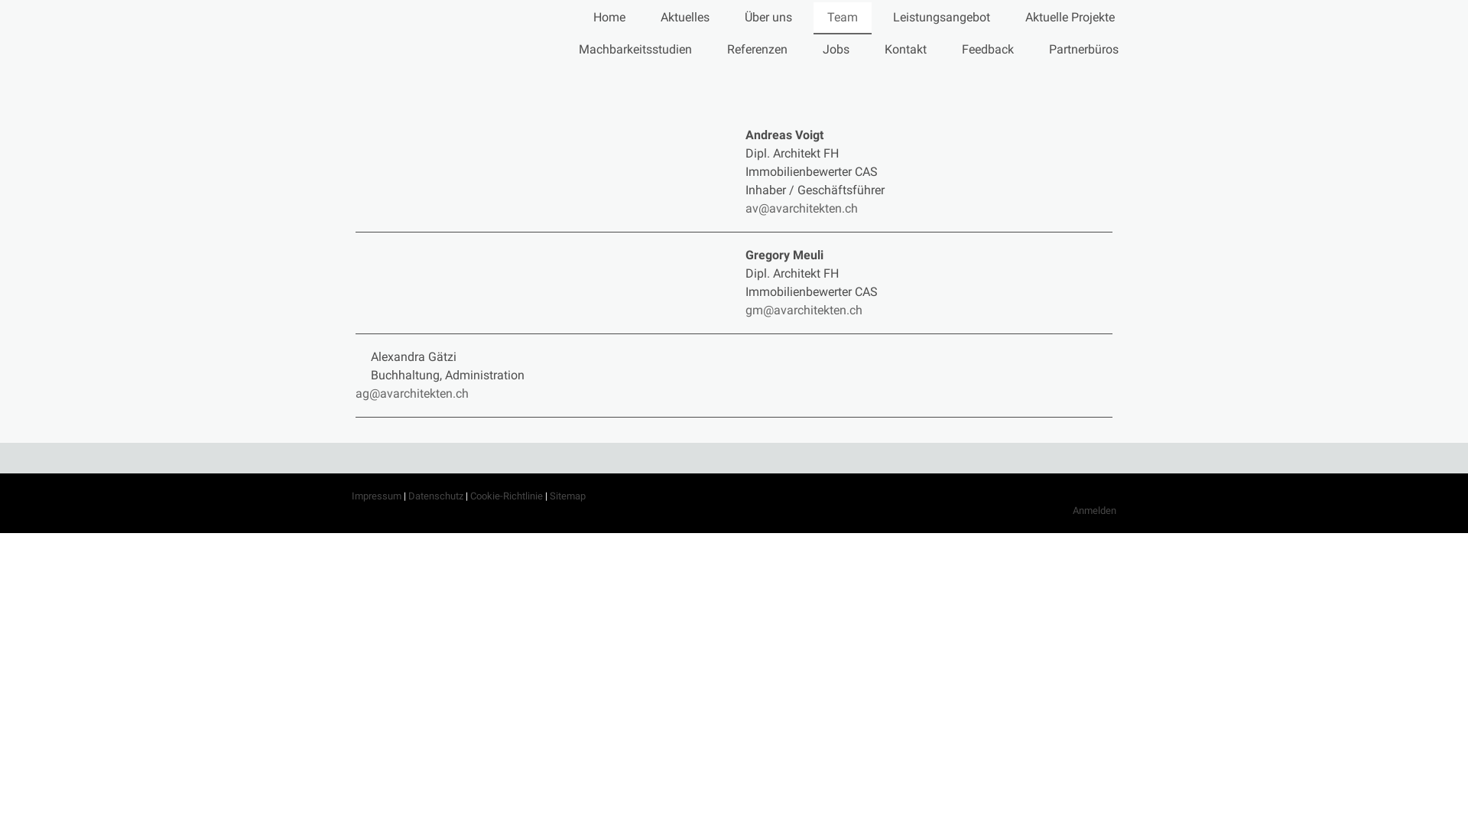  I want to click on 'Feedback', so click(947, 49).